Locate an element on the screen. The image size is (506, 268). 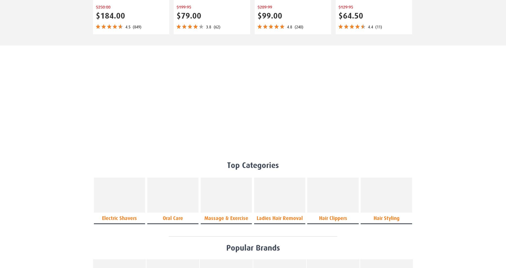
'hair removal' is located at coordinates (270, 218).